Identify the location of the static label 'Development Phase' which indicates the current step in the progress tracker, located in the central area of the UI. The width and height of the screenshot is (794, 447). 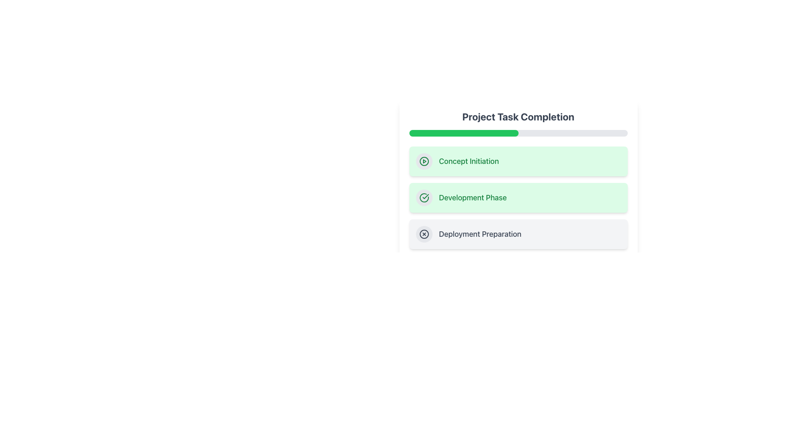
(473, 198).